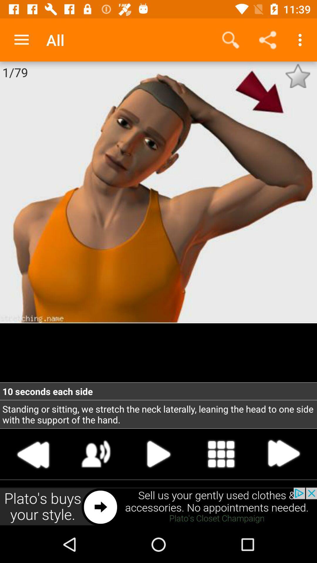 This screenshot has height=563, width=317. What do you see at coordinates (298, 76) in the screenshot?
I see `the star icon` at bounding box center [298, 76].